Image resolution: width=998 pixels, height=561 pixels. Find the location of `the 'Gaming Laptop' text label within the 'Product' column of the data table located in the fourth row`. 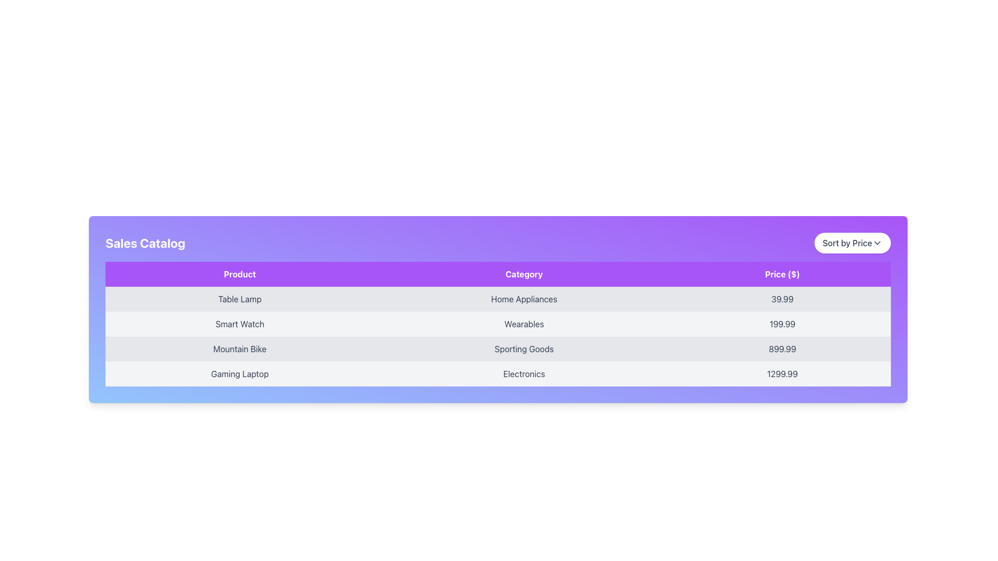

the 'Gaming Laptop' text label within the 'Product' column of the data table located in the fourth row is located at coordinates (239, 374).